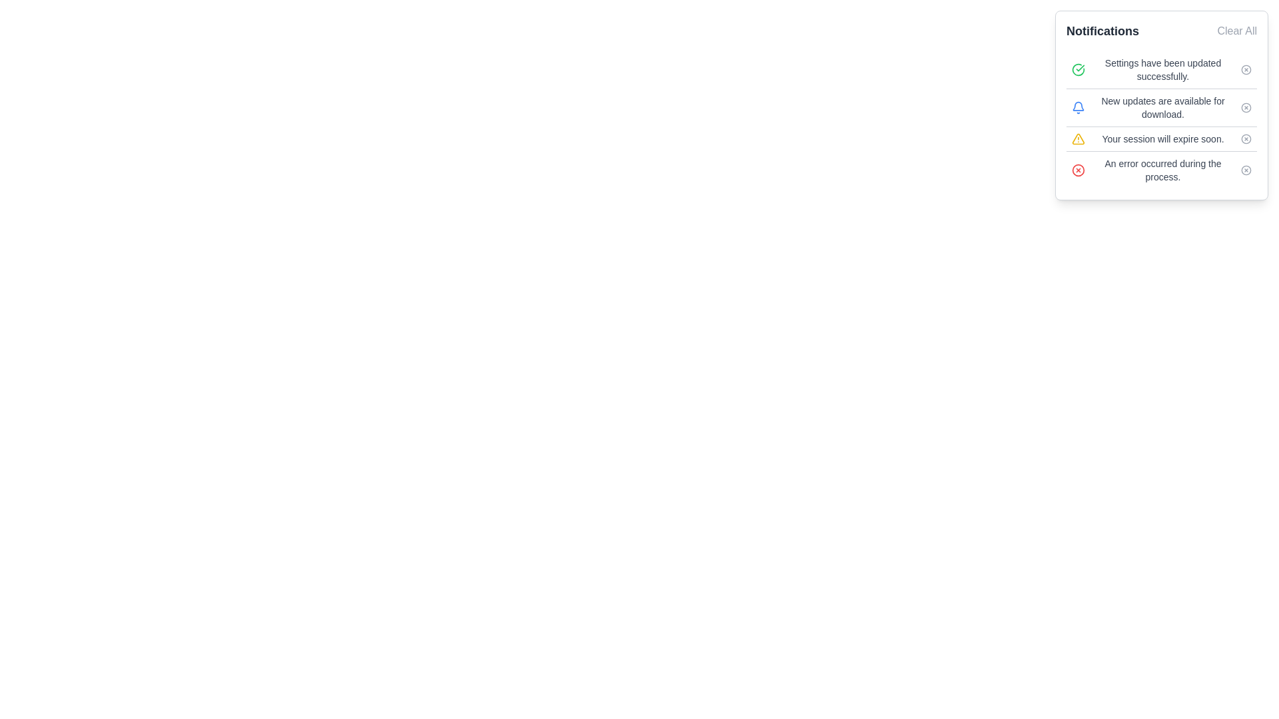  Describe the element at coordinates (1078, 107) in the screenshot. I see `the notification icon that signifies updates or alerts, located to the left of the informational text` at that location.